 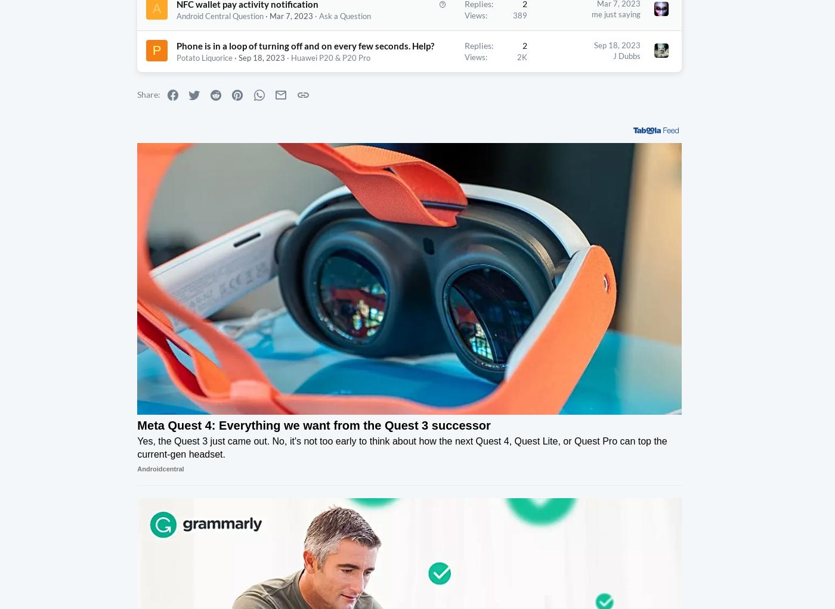 What do you see at coordinates (808, 229) in the screenshot?
I see `'938,501'` at bounding box center [808, 229].